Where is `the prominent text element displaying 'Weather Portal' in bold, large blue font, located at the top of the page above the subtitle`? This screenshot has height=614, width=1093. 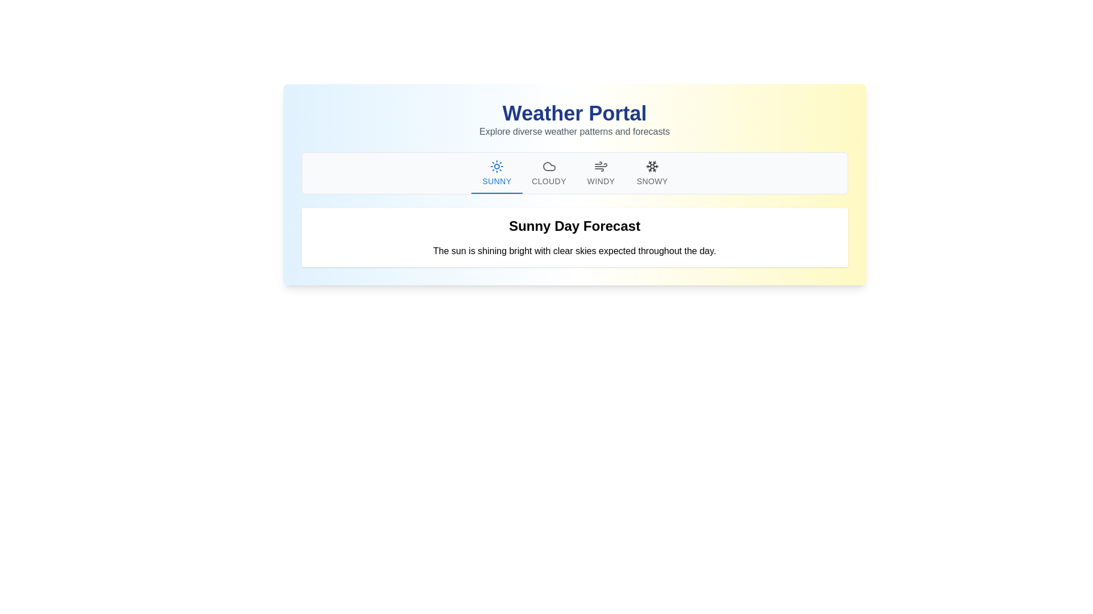 the prominent text element displaying 'Weather Portal' in bold, large blue font, located at the top of the page above the subtitle is located at coordinates (574, 114).